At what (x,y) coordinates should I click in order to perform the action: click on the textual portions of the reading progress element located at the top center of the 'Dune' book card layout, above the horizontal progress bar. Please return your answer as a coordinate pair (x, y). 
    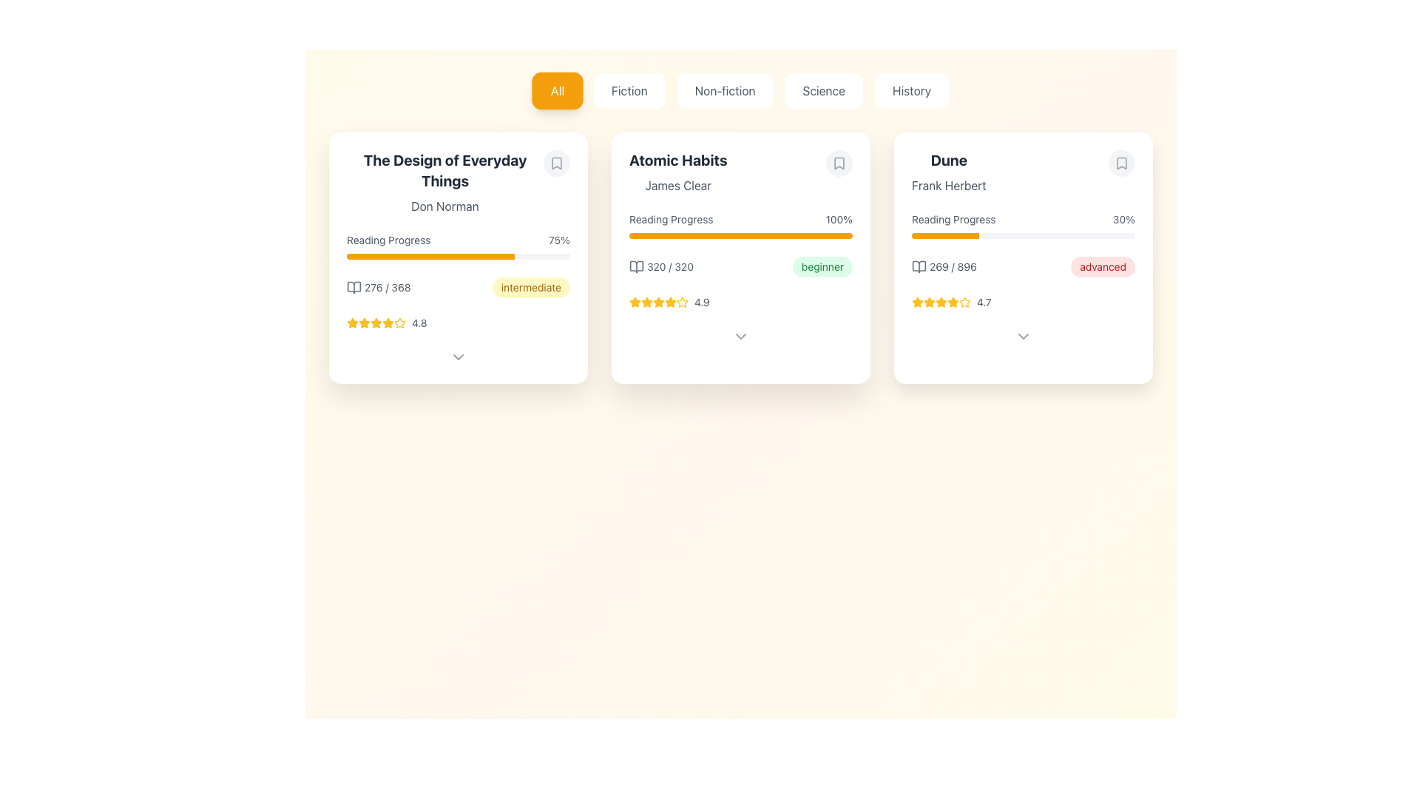
    Looking at the image, I should click on (1022, 220).